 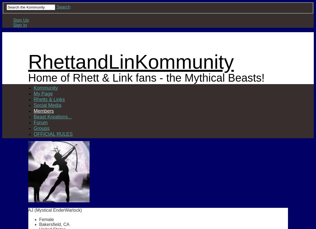 I want to click on 'Rhetts & Links', so click(x=49, y=99).